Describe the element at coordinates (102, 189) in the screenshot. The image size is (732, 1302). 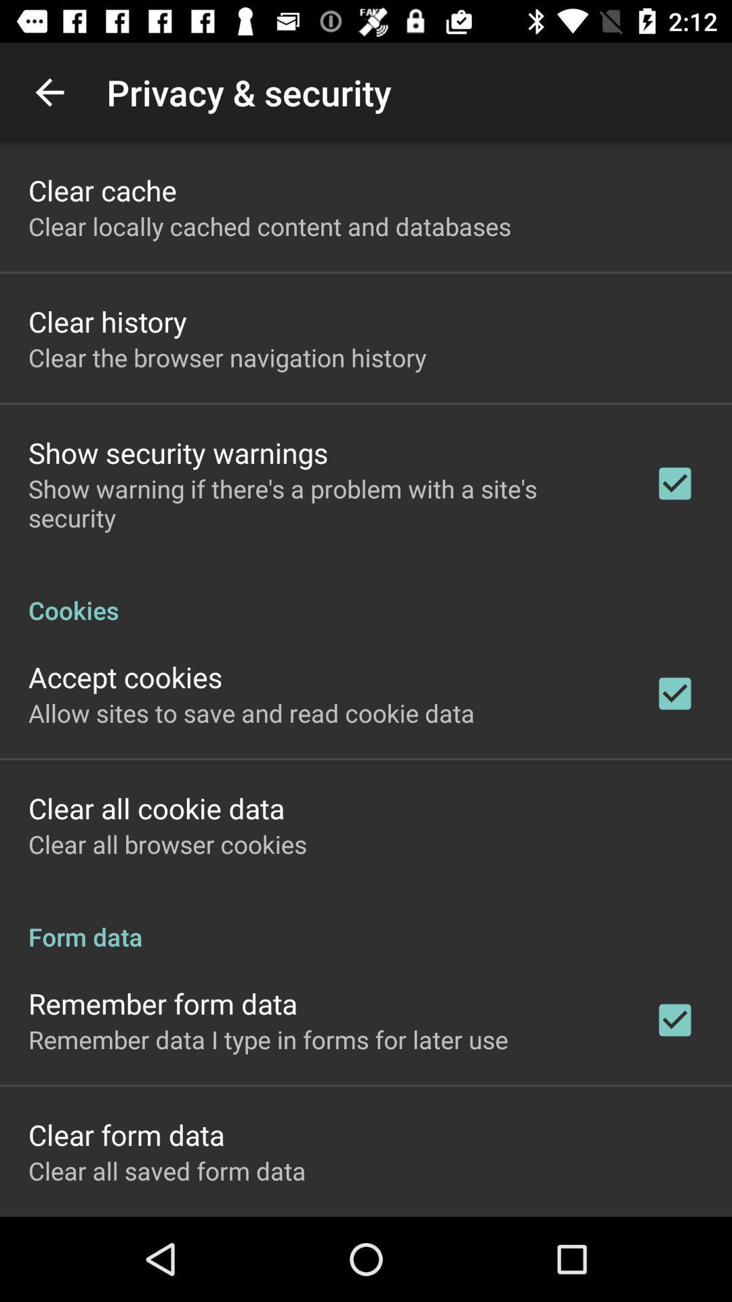
I see `the clear cache app` at that location.